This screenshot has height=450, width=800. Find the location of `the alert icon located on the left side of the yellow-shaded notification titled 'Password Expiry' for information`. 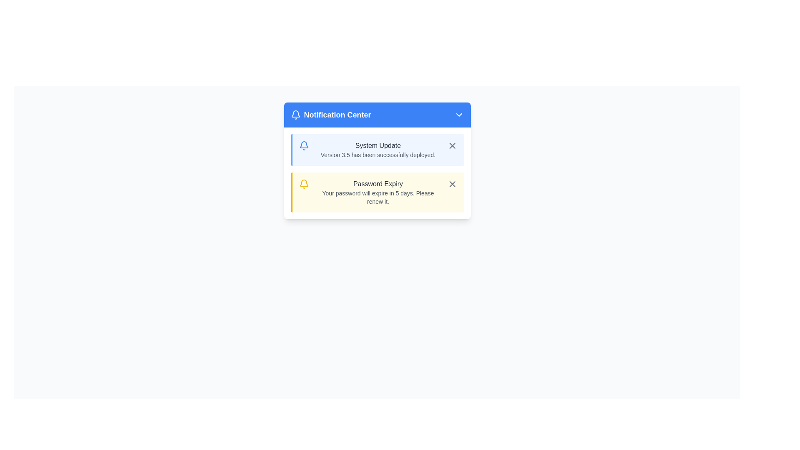

the alert icon located on the left side of the yellow-shaded notification titled 'Password Expiry' for information is located at coordinates (303, 184).